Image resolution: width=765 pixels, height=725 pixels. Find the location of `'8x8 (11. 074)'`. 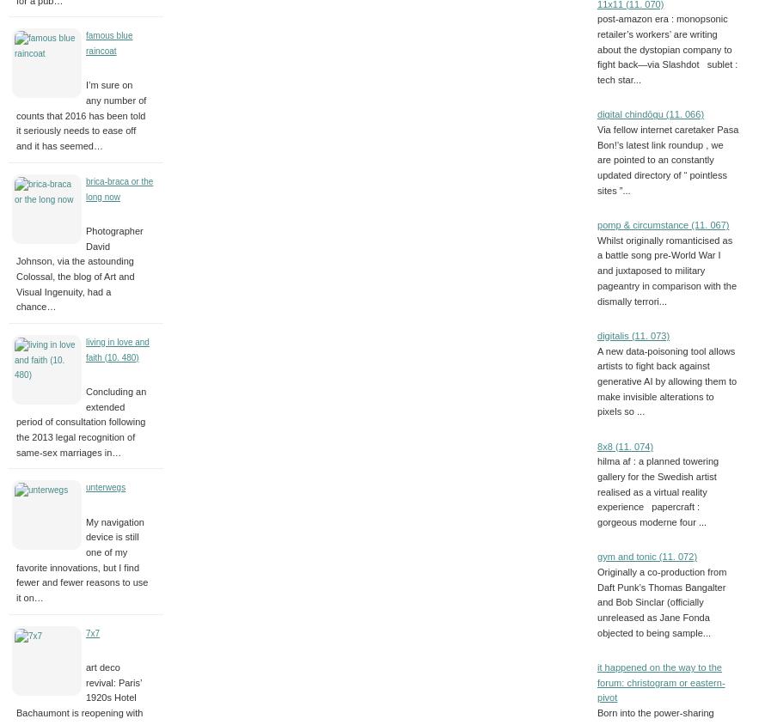

'8x8 (11. 074)' is located at coordinates (597, 444).